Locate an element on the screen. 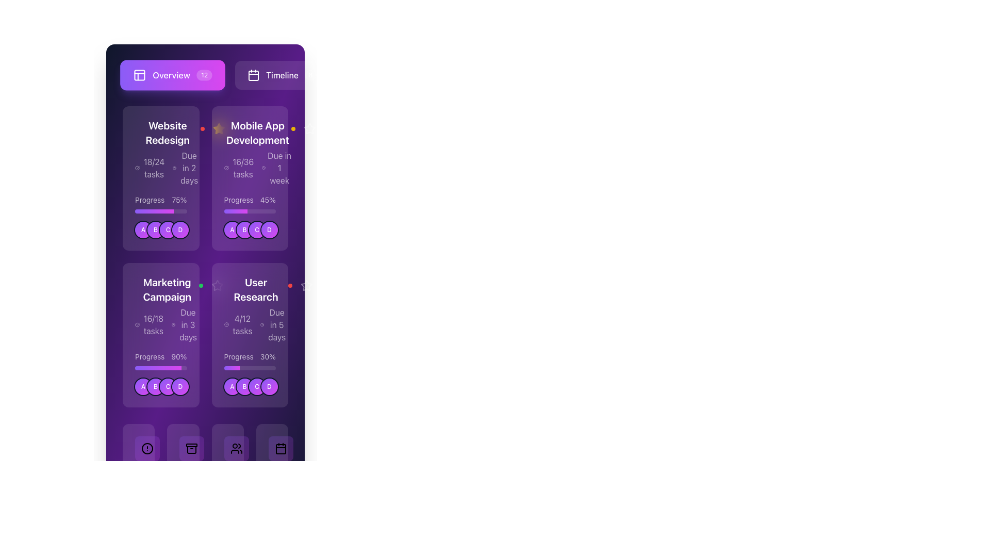 This screenshot has width=990, height=557. the purple rectangle with rounded corners that is part of the calendar icon in the navigation bar at the bottom right of the interface, if it is interactive is located at coordinates (280, 449).